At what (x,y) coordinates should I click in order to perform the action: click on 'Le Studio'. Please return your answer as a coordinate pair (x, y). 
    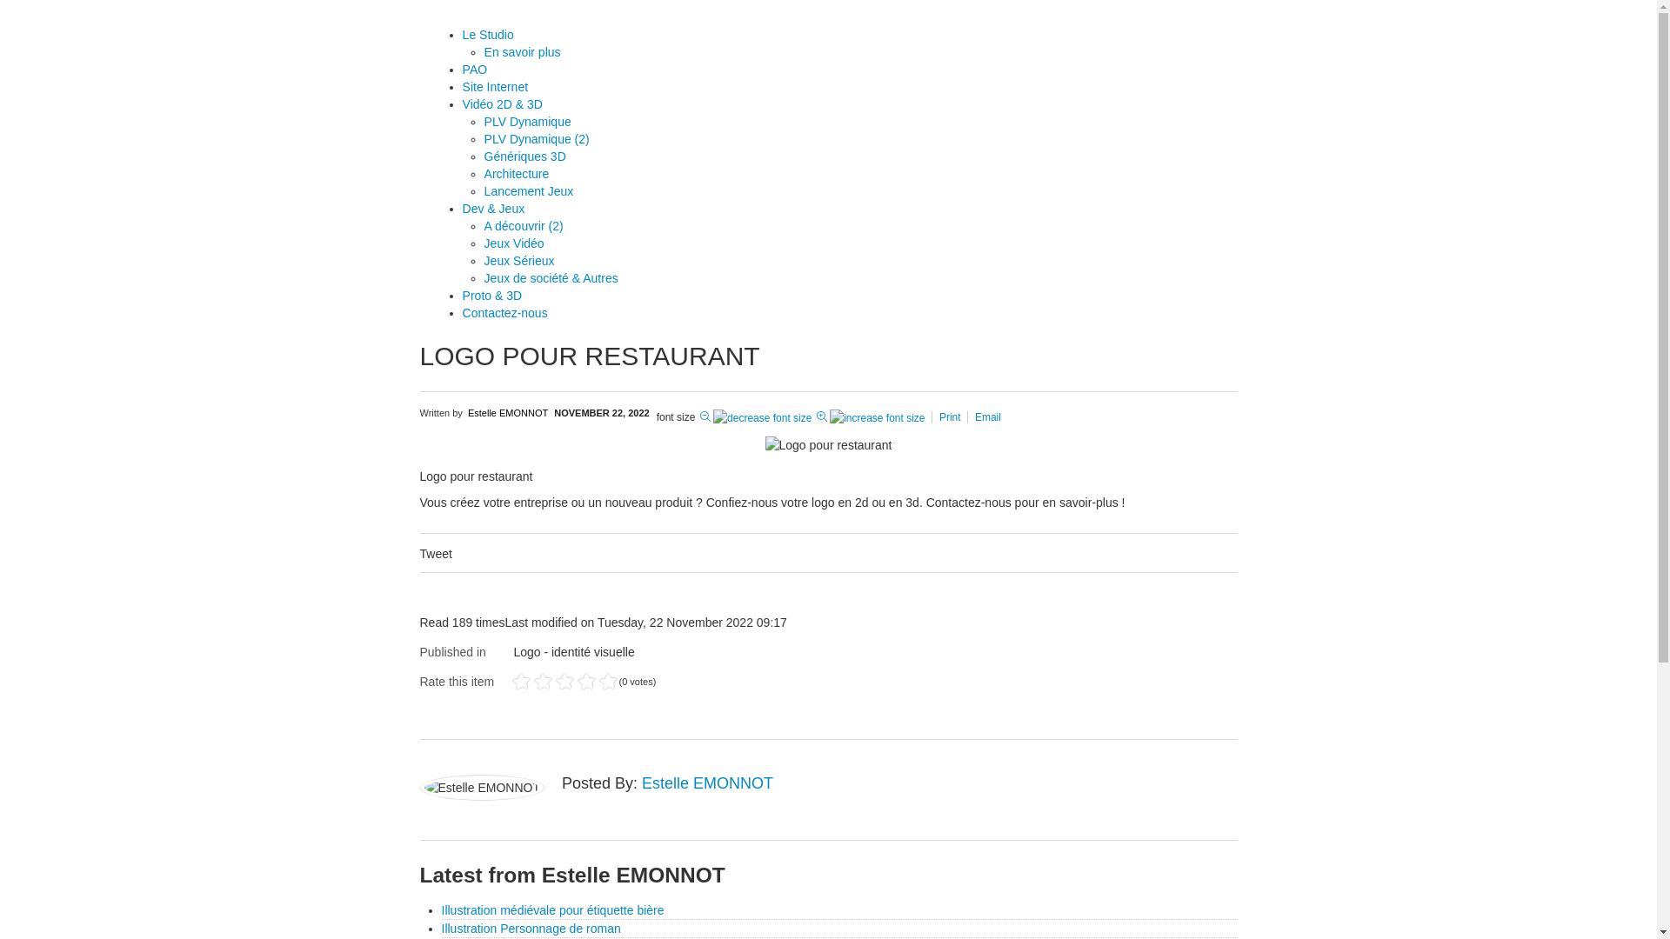
    Looking at the image, I should click on (463, 34).